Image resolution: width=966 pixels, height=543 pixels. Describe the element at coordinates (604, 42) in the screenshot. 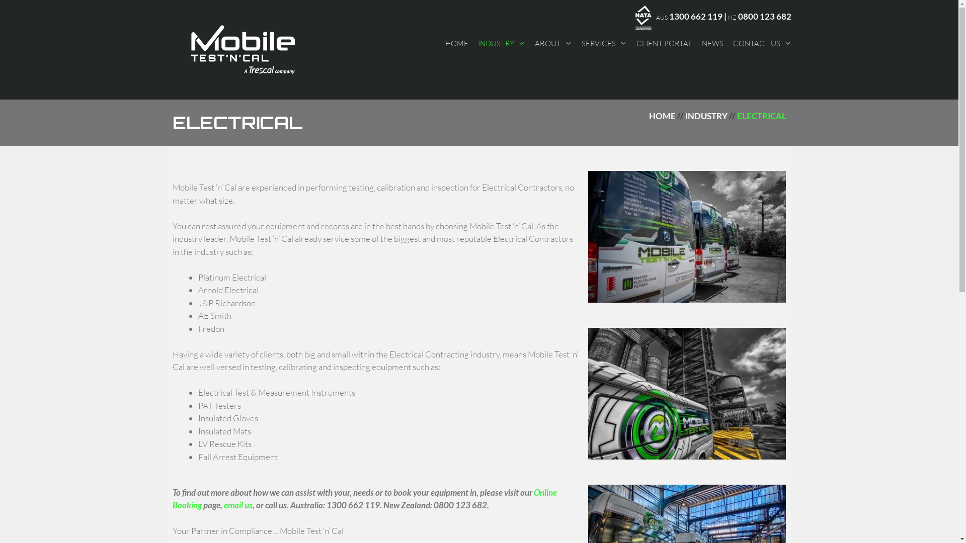

I see `'SERVICES'` at that location.